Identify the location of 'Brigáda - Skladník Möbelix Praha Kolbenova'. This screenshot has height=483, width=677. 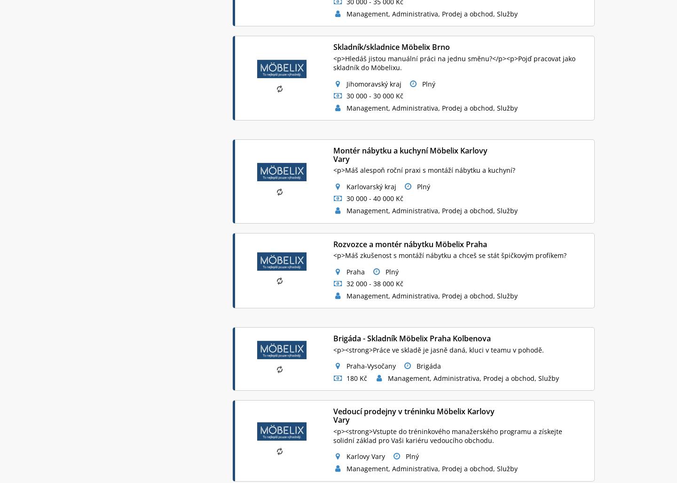
(333, 338).